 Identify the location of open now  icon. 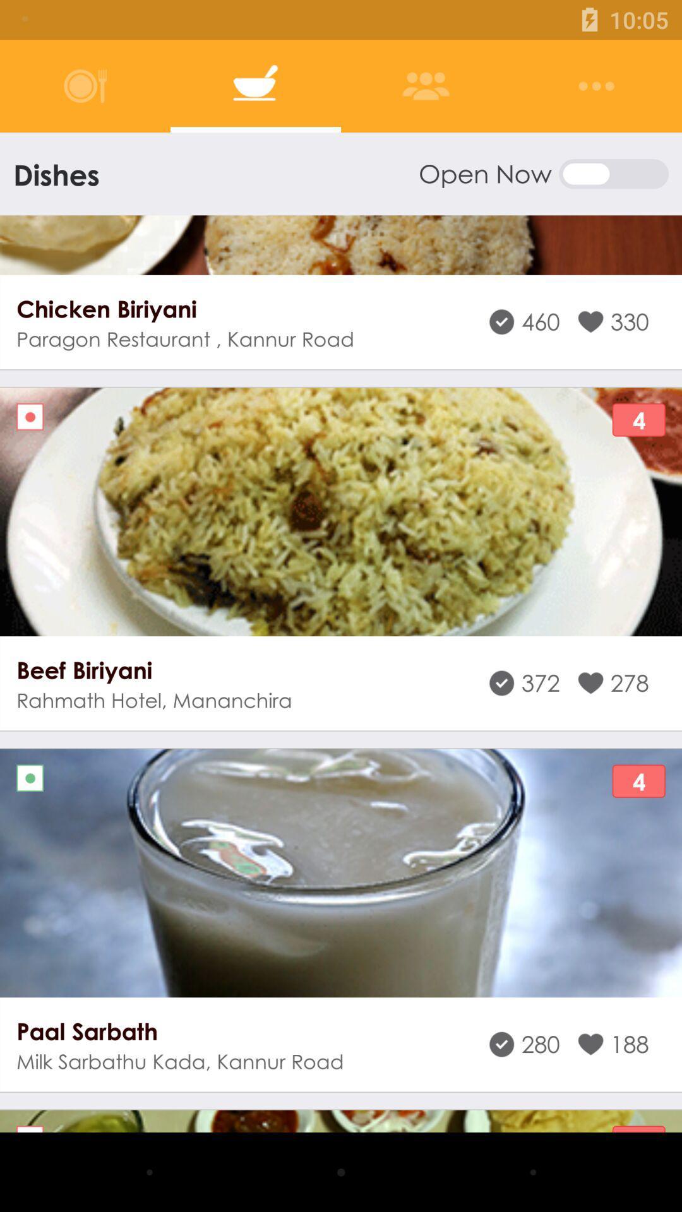
(542, 173).